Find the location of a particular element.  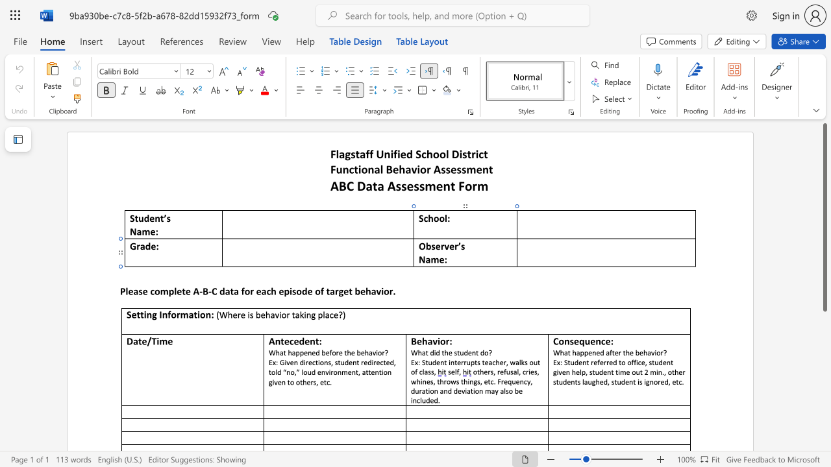

the 3th character "t" in the text is located at coordinates (358, 362).